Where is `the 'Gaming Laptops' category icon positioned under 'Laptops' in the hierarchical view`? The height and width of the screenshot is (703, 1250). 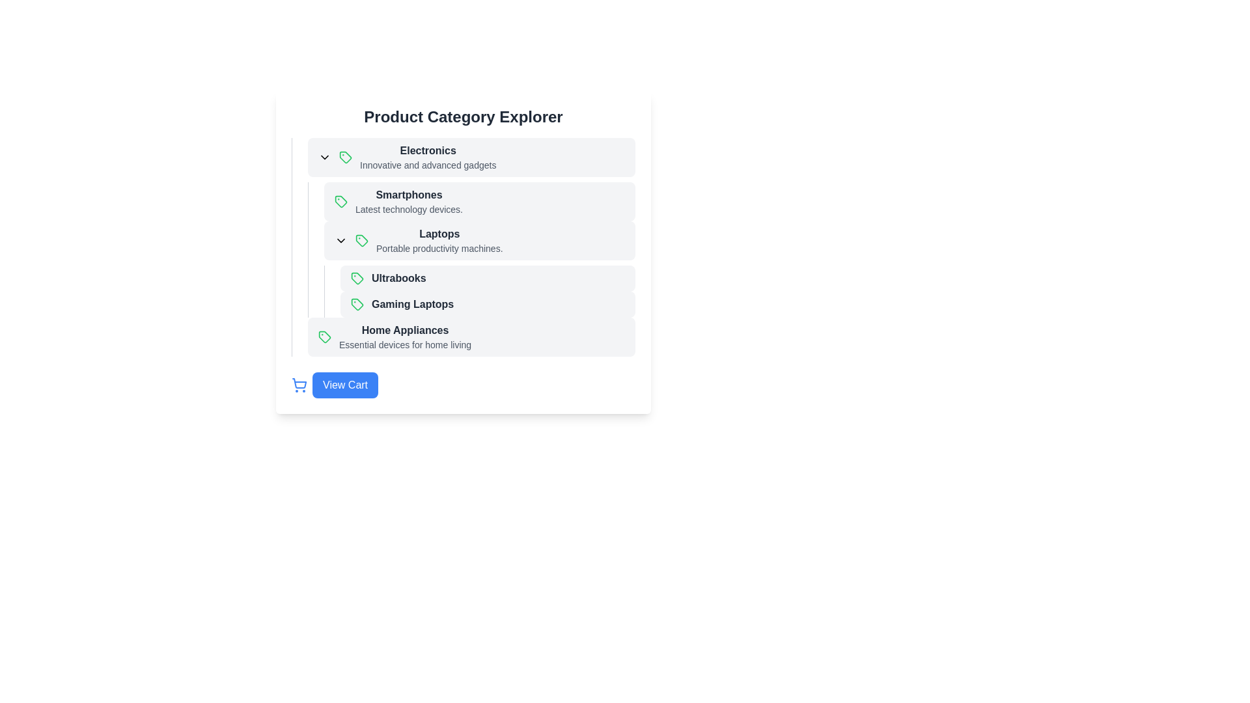
the 'Gaming Laptops' category icon positioned under 'Laptops' in the hierarchical view is located at coordinates (357, 304).